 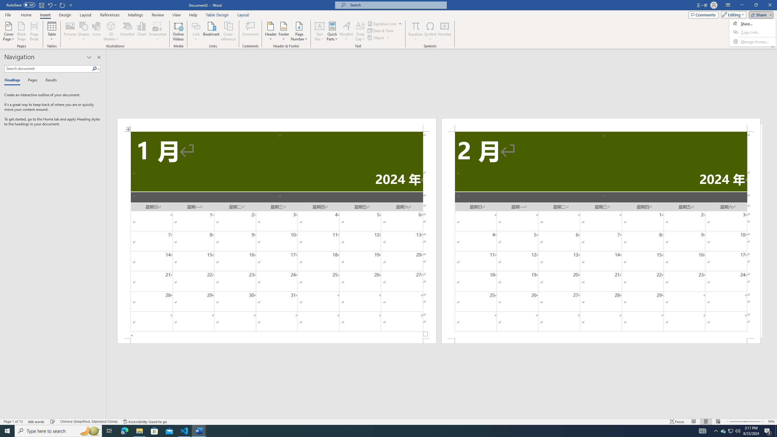 What do you see at coordinates (382, 23) in the screenshot?
I see `'Signature Line'` at bounding box center [382, 23].